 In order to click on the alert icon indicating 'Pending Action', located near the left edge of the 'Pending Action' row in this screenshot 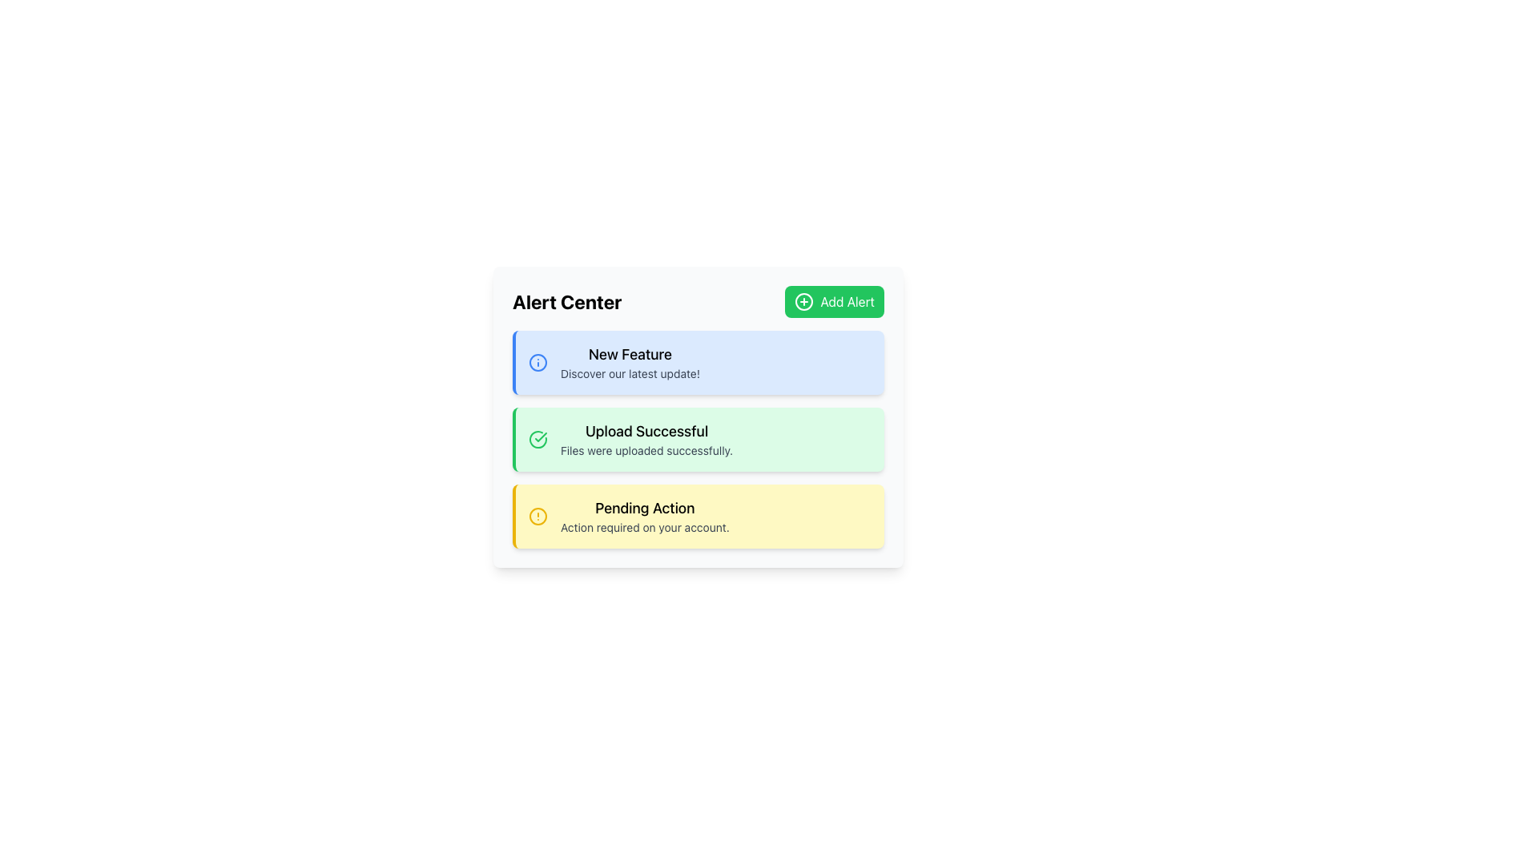, I will do `click(538, 516)`.